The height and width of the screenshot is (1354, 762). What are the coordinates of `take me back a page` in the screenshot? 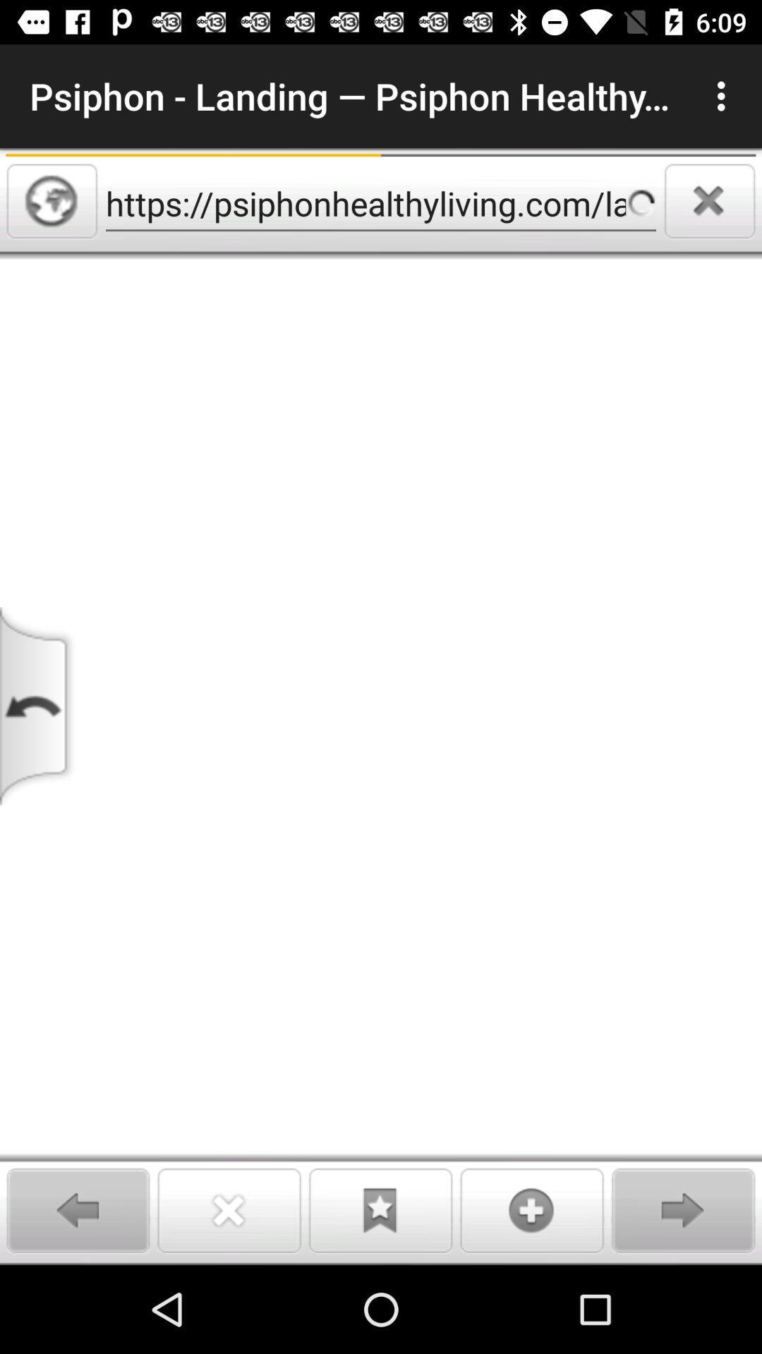 It's located at (38, 706).